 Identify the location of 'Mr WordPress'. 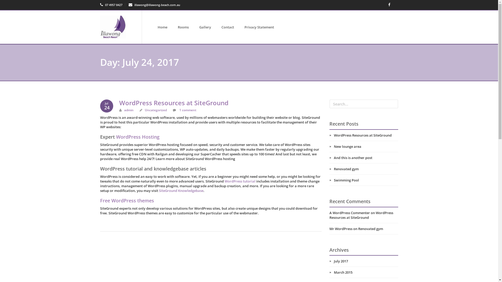
(341, 228).